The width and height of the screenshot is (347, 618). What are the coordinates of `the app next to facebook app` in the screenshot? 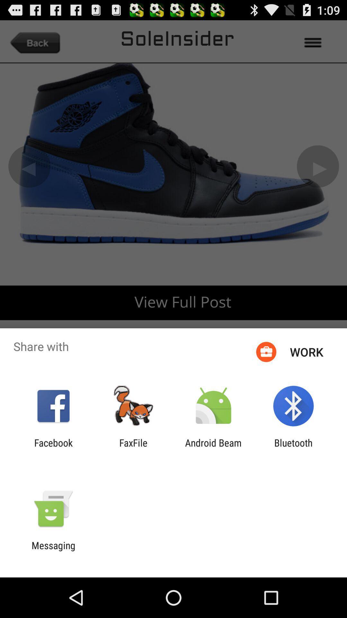 It's located at (133, 448).